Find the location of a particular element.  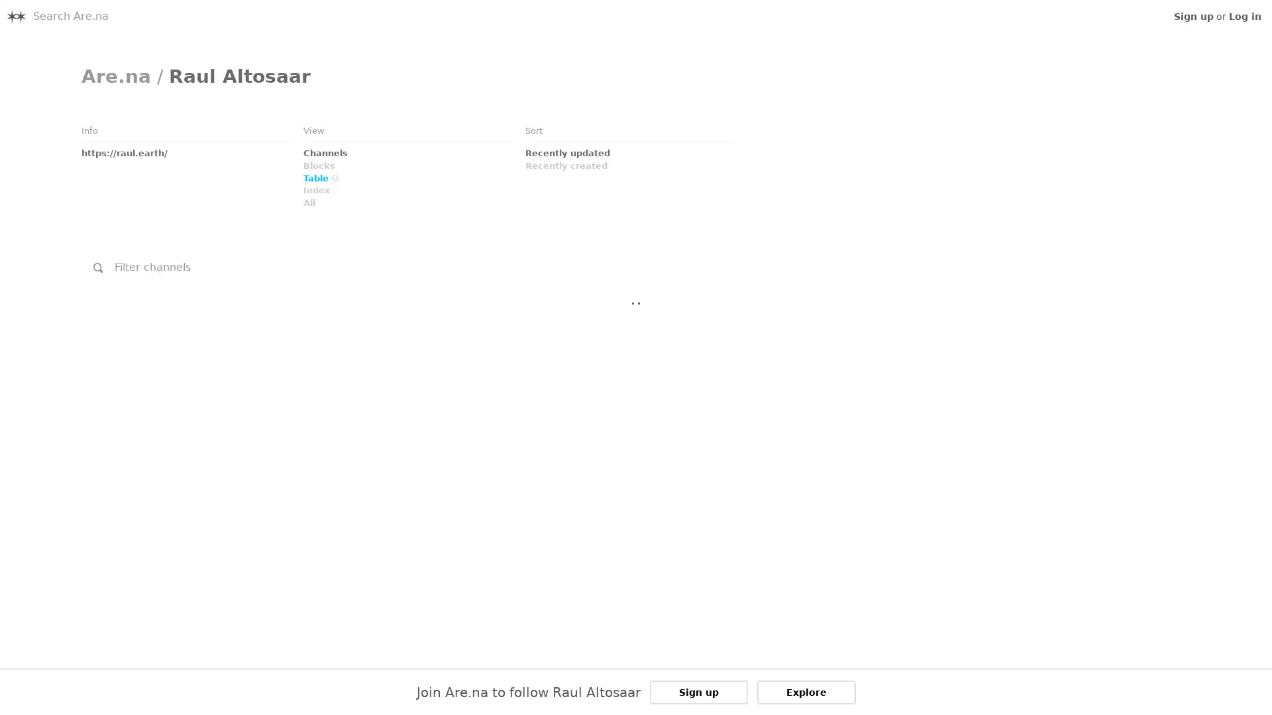

Link to Link: Scrapbook  Sean Meehan is located at coordinates (1073, 394).